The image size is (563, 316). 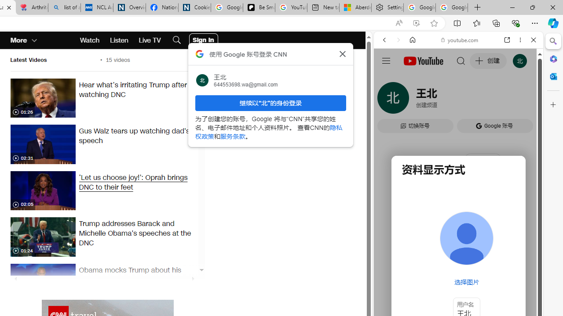 What do you see at coordinates (416, 23) in the screenshot?
I see `'Enhance video'` at bounding box center [416, 23].